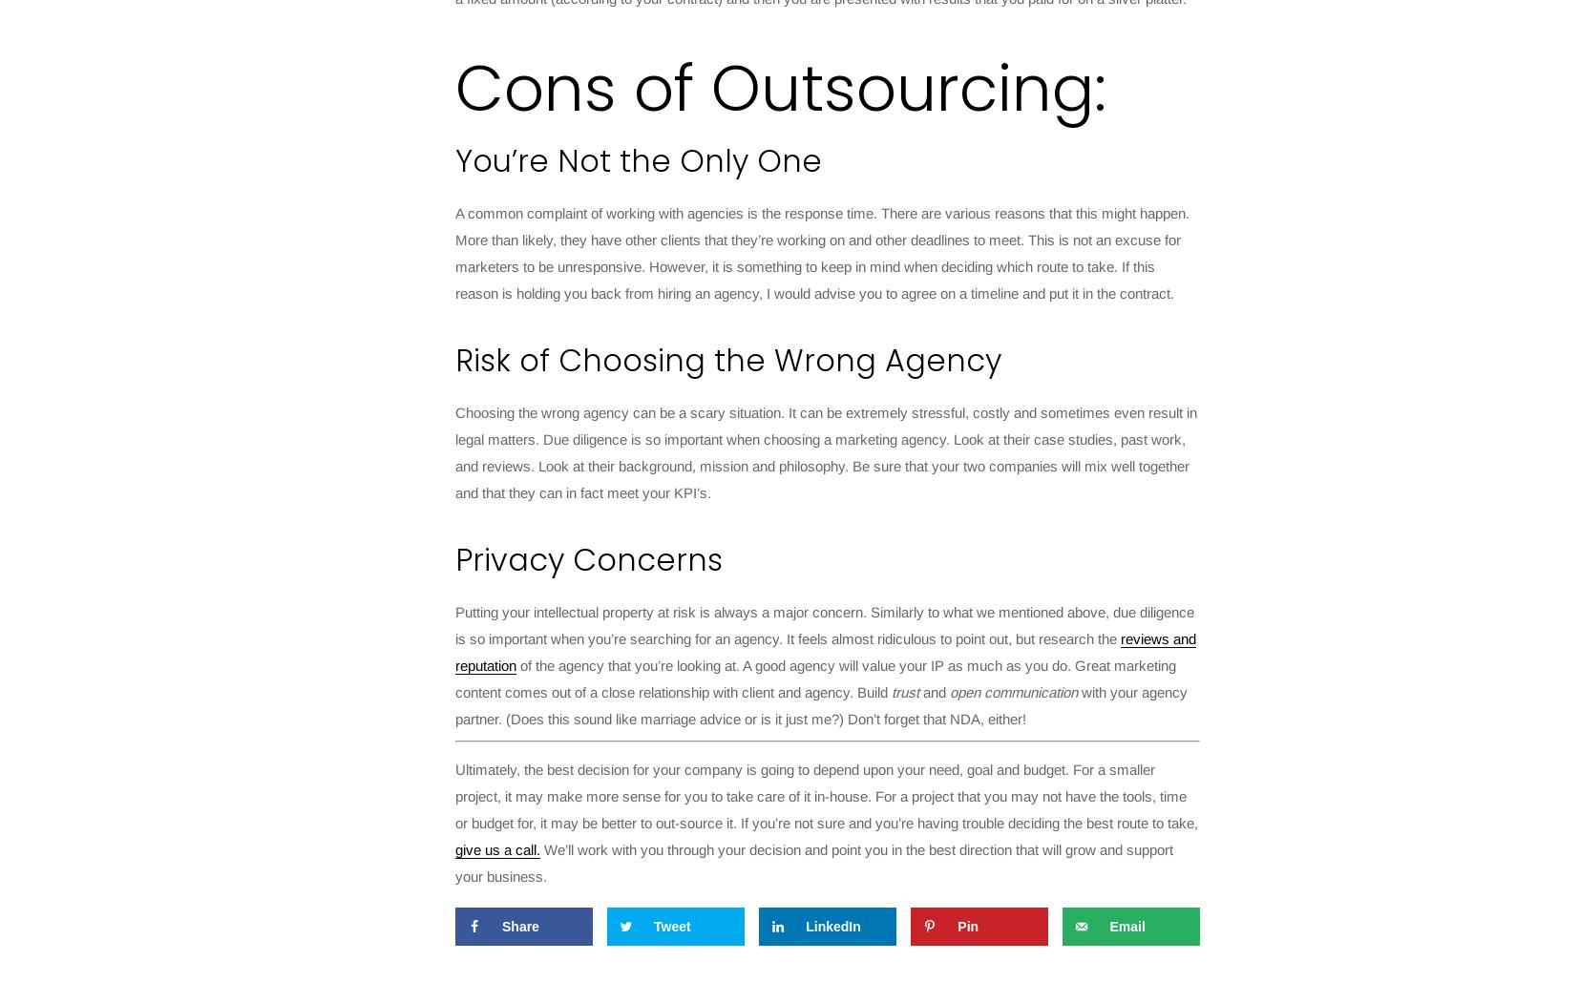 Image resolution: width=1579 pixels, height=982 pixels. What do you see at coordinates (934, 691) in the screenshot?
I see `'and'` at bounding box center [934, 691].